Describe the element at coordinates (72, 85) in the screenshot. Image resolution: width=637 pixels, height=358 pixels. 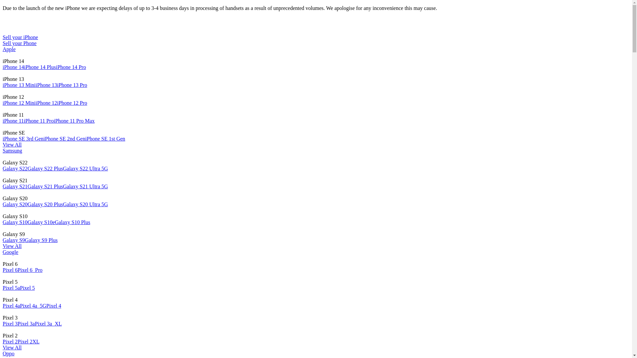
I see `'iPhone 13 Pro'` at that location.